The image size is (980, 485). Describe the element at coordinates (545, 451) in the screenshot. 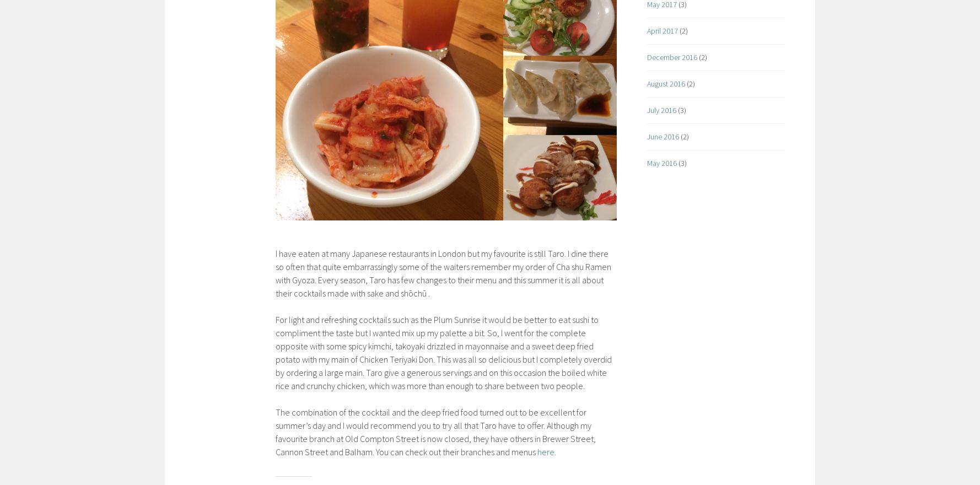

I see `'here'` at that location.